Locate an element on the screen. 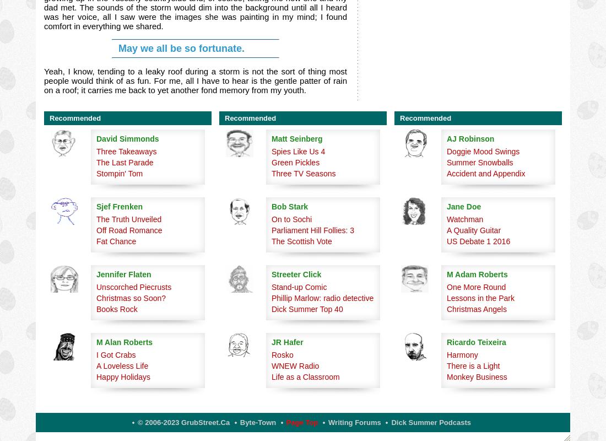  'Sjef Frenken' is located at coordinates (120, 206).